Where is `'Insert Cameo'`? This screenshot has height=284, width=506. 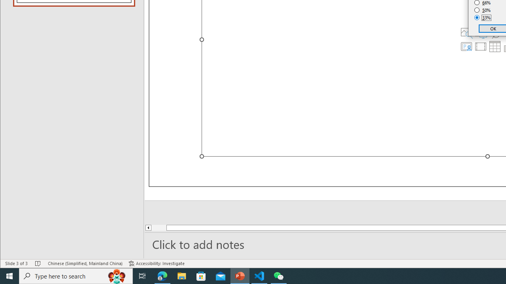 'Insert Cameo' is located at coordinates (466, 47).